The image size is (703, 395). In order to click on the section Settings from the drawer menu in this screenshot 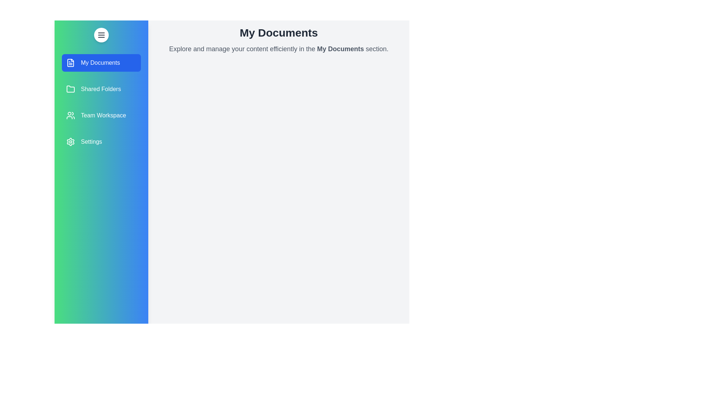, I will do `click(101, 142)`.